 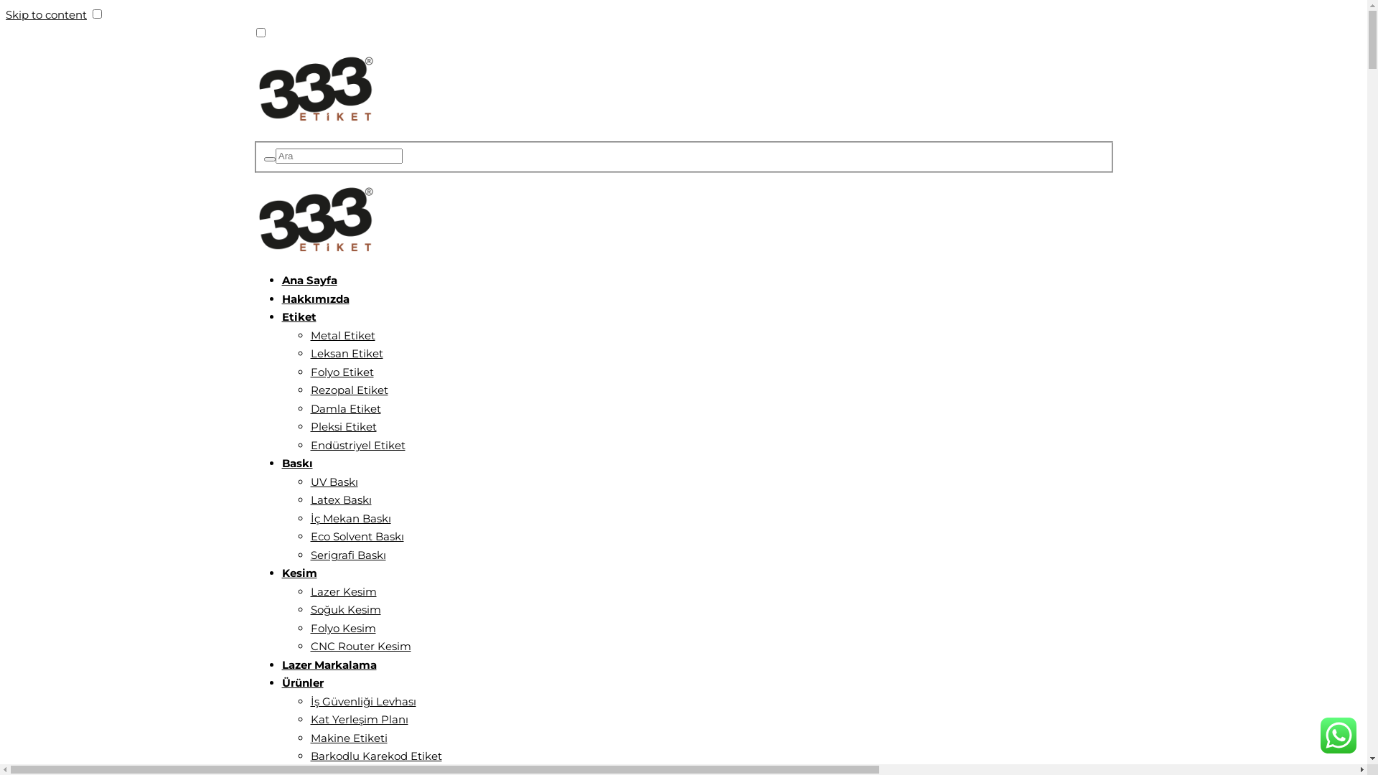 I want to click on 'Barkodlu Karekod Etiket', so click(x=309, y=755).